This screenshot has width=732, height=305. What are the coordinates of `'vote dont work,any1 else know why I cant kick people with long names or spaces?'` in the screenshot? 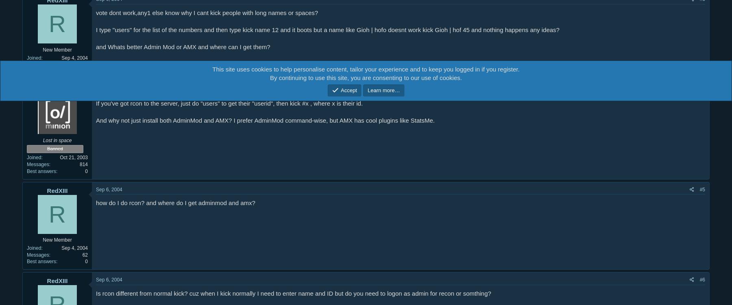 It's located at (207, 13).